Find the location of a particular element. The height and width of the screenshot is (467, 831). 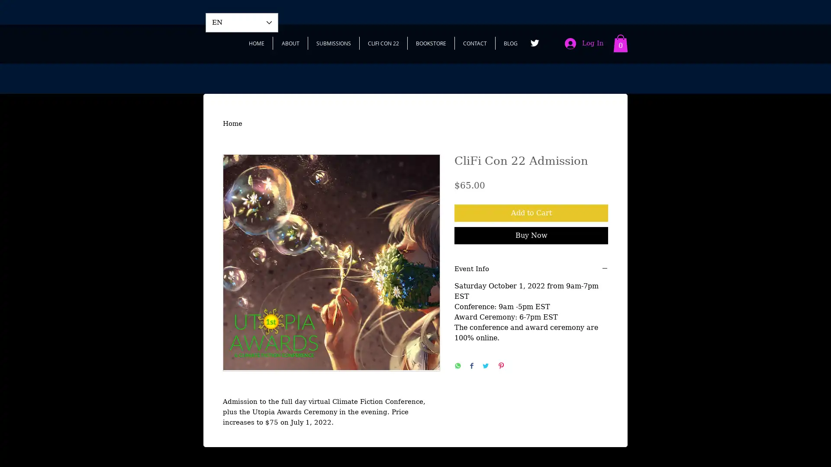

Add to Cart is located at coordinates (531, 213).